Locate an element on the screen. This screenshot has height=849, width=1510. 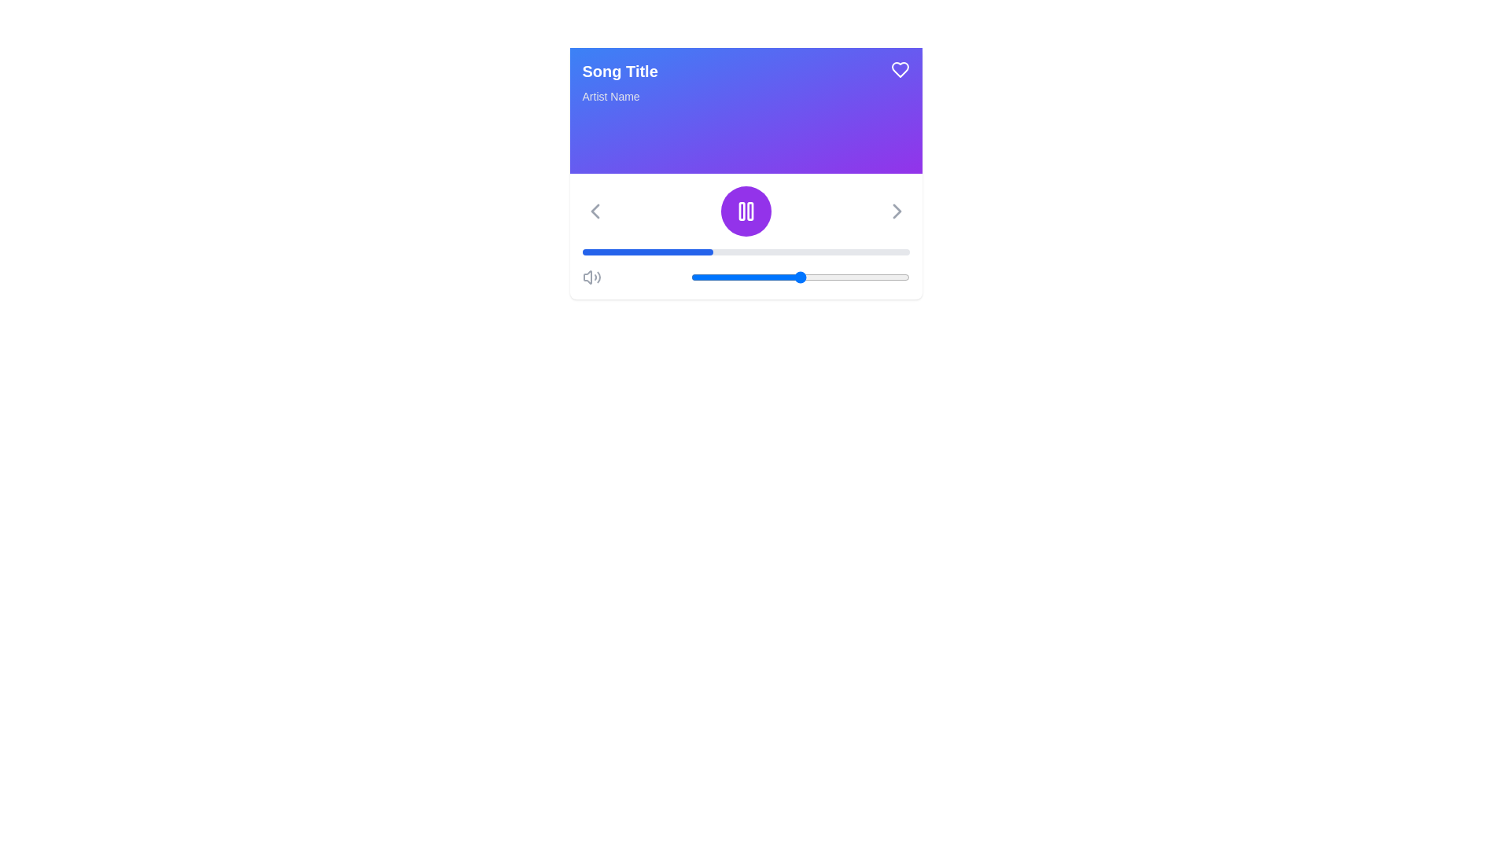
the speaker icon representing a volume control to adjust the volume is located at coordinates (591, 277).